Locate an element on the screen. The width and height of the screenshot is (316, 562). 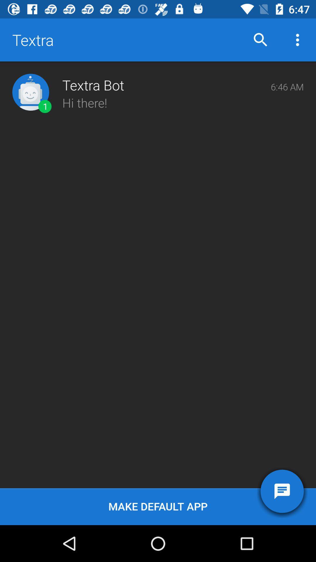
the chat icon is located at coordinates (282, 491).